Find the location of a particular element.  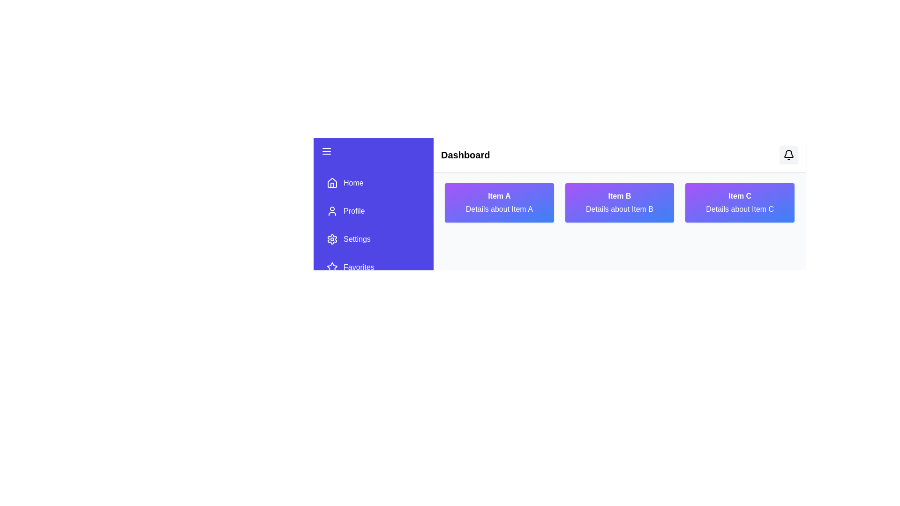

the rectangular button with a gradient background labeled 'Item A' that contains details about the item, located at the specified coordinates is located at coordinates (499, 202).